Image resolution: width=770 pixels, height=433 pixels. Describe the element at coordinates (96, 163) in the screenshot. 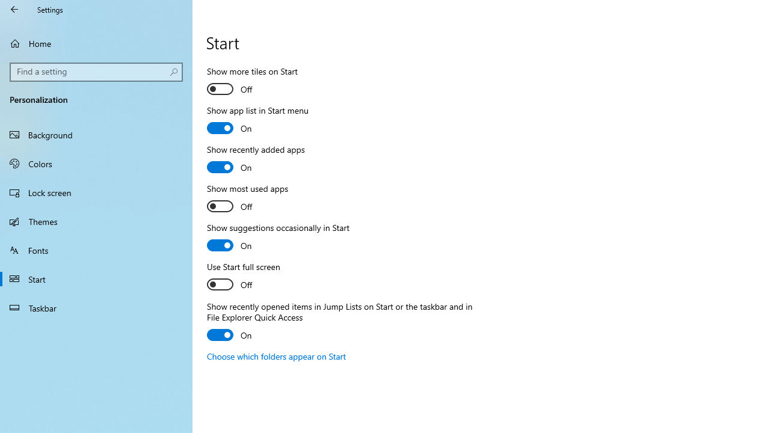

I see `'Colors'` at that location.